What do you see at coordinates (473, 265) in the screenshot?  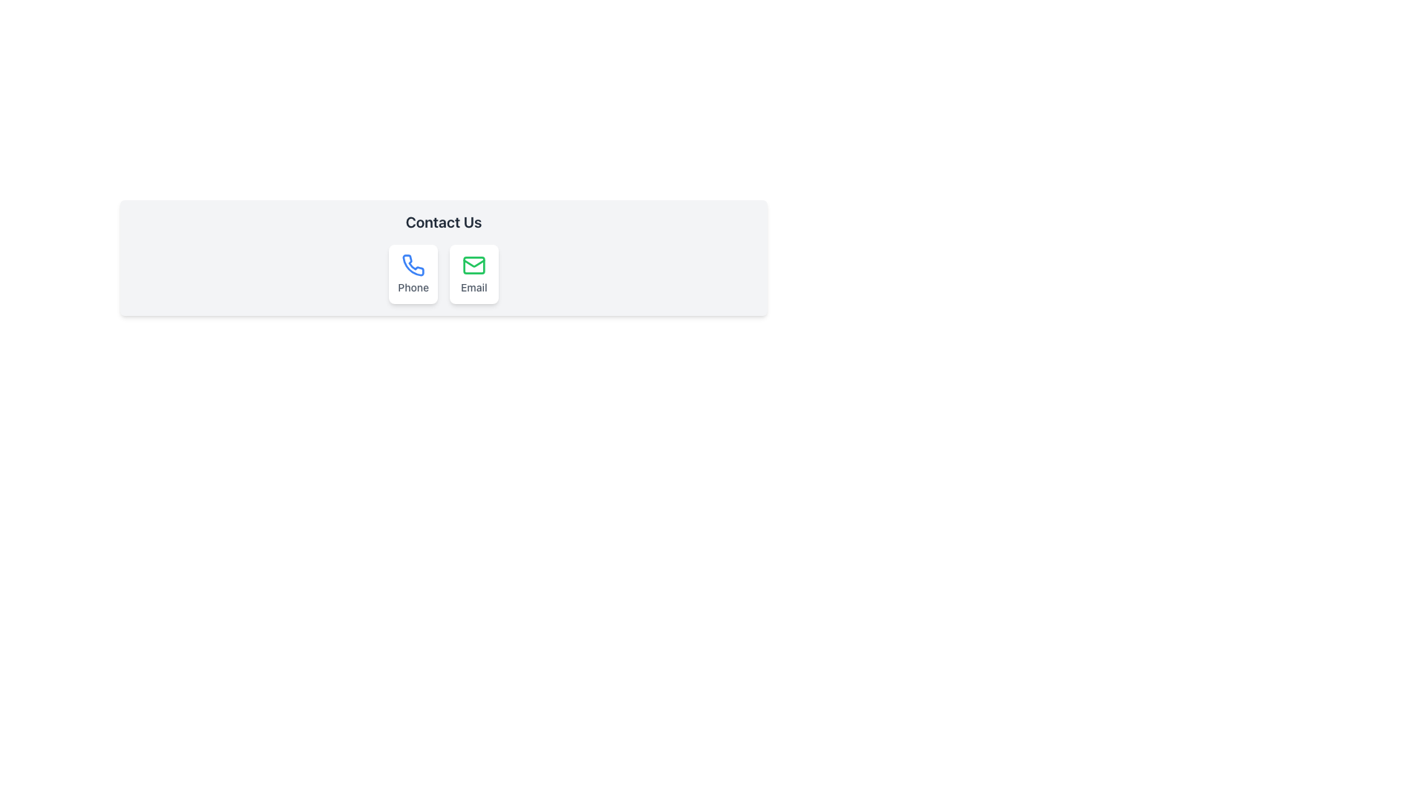 I see `the green rectangular element with rounded corners that is part of the envelope icon in the 'Contact Us' section` at bounding box center [473, 265].